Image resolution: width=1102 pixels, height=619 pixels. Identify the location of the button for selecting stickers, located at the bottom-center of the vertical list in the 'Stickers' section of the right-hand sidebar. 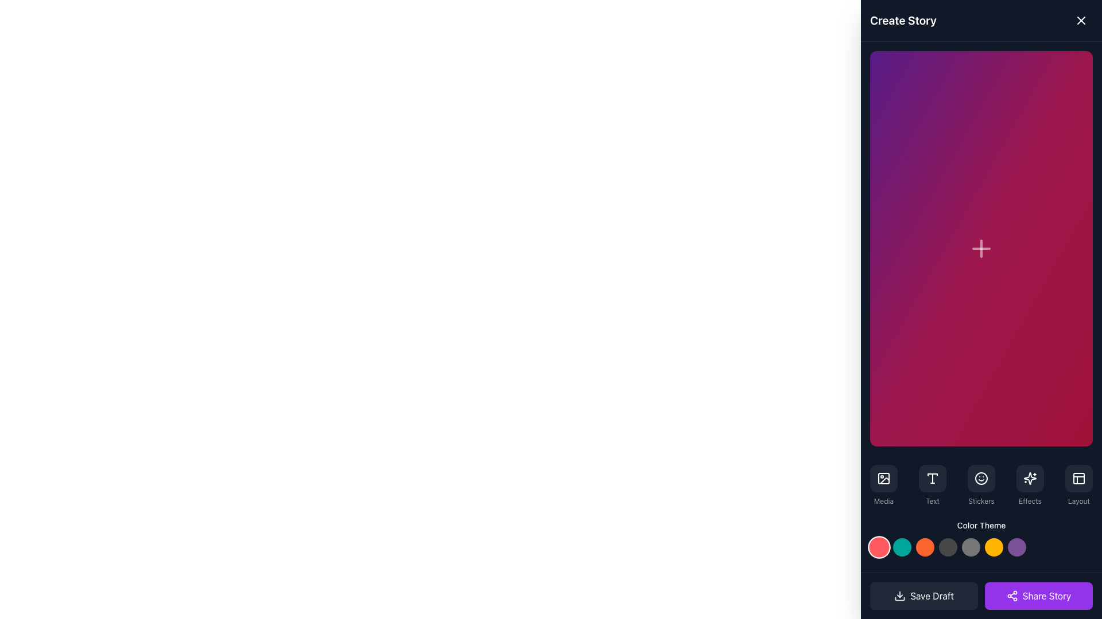
(980, 477).